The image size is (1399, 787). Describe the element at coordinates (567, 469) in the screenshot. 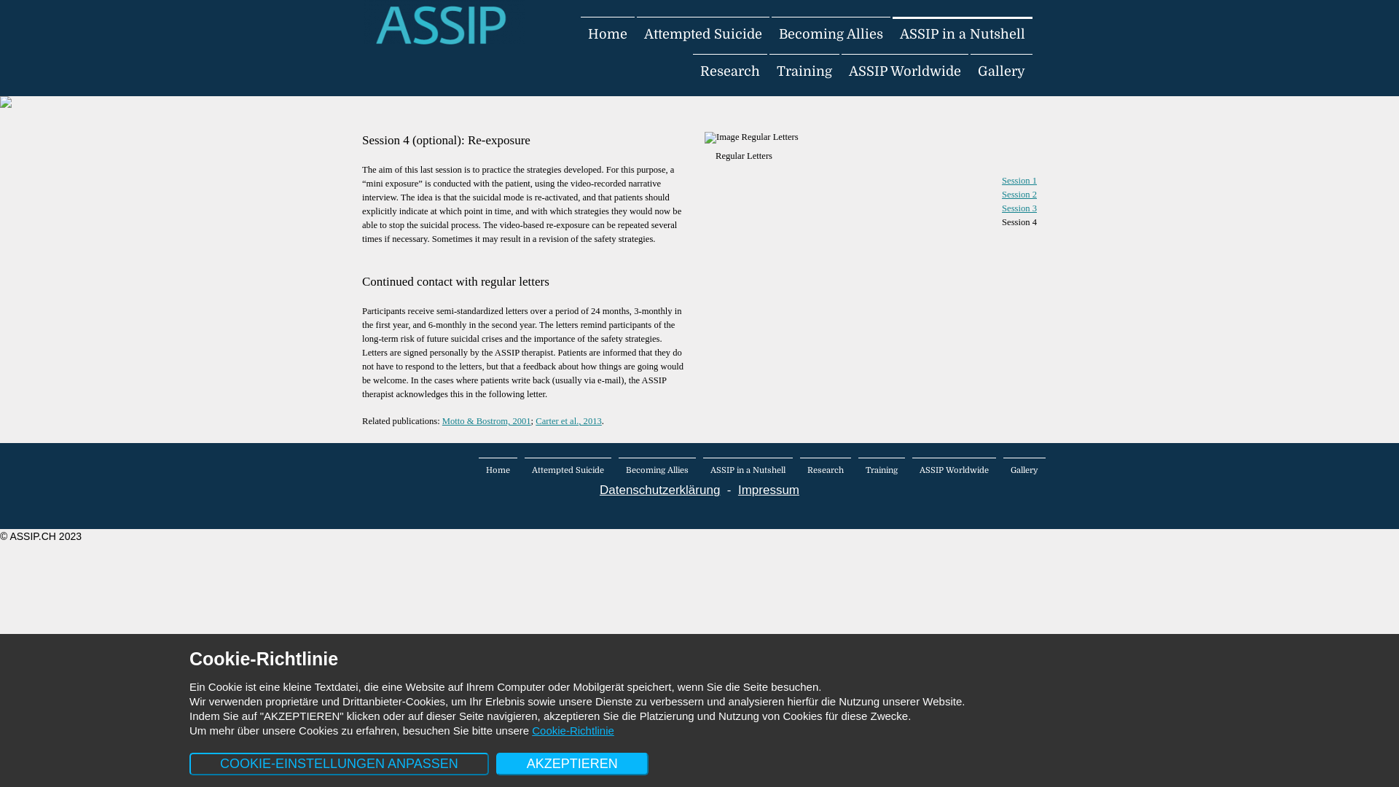

I see `'Attempted Suicide'` at that location.